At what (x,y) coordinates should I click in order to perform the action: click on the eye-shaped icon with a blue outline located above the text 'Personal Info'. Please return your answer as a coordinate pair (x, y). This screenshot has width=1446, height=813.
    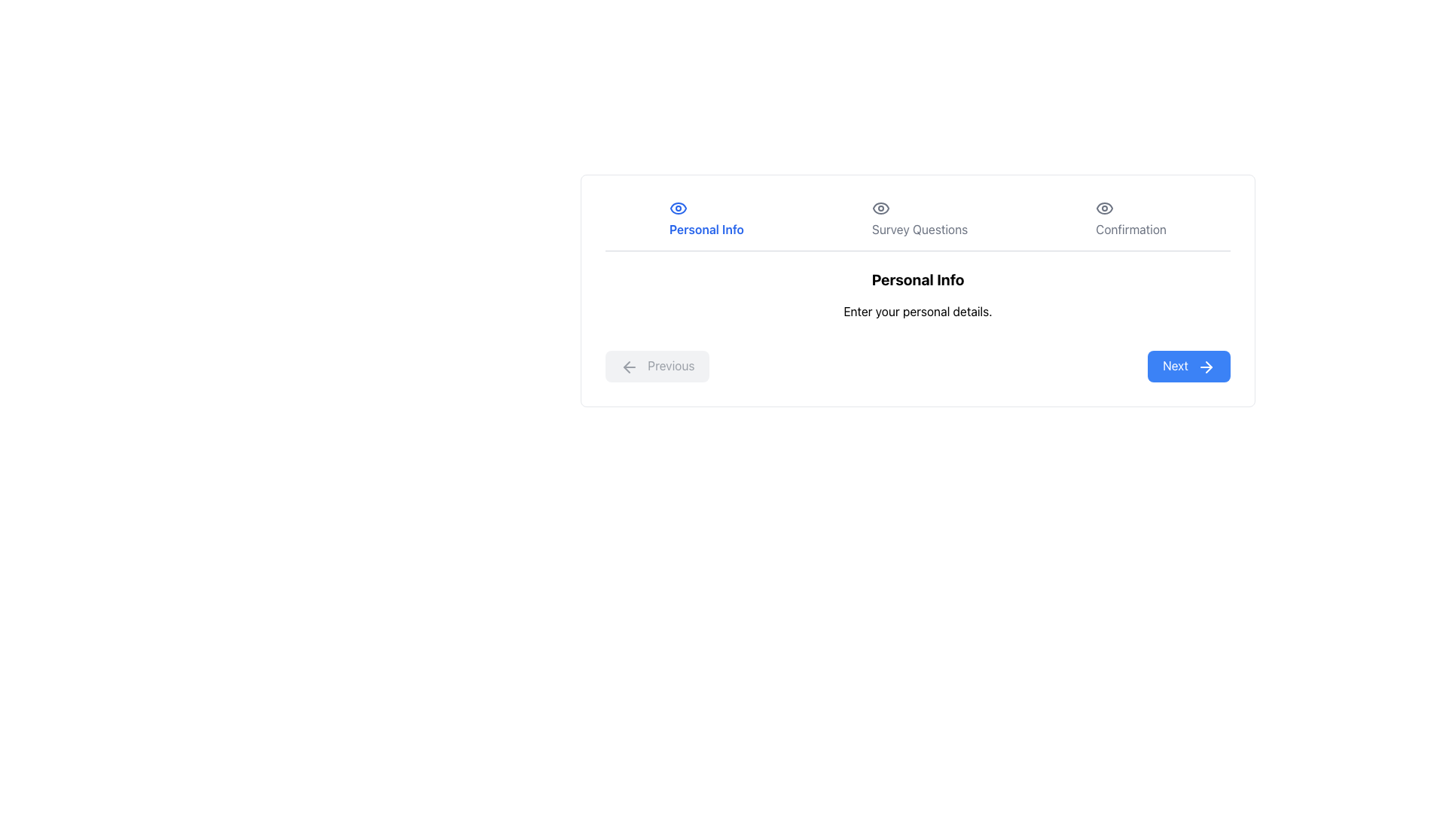
    Looking at the image, I should click on (678, 209).